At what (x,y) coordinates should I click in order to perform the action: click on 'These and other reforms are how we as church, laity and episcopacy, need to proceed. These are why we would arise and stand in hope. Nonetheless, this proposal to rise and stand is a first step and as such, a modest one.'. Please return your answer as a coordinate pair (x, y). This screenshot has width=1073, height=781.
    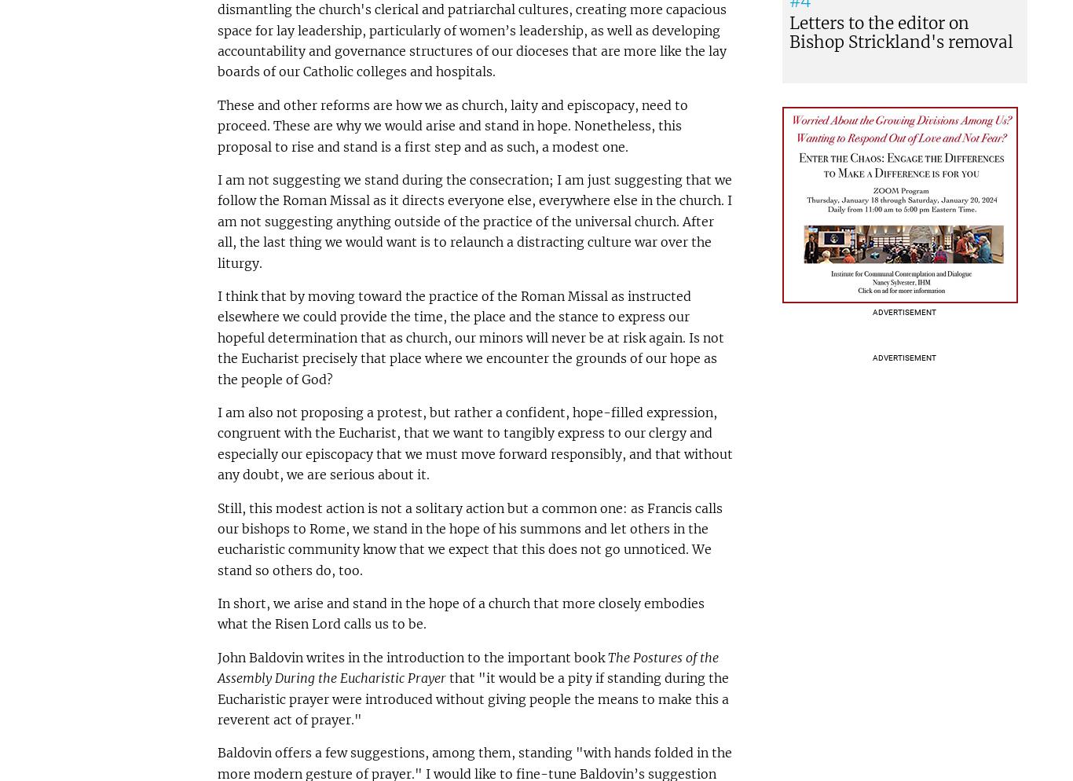
    Looking at the image, I should click on (451, 125).